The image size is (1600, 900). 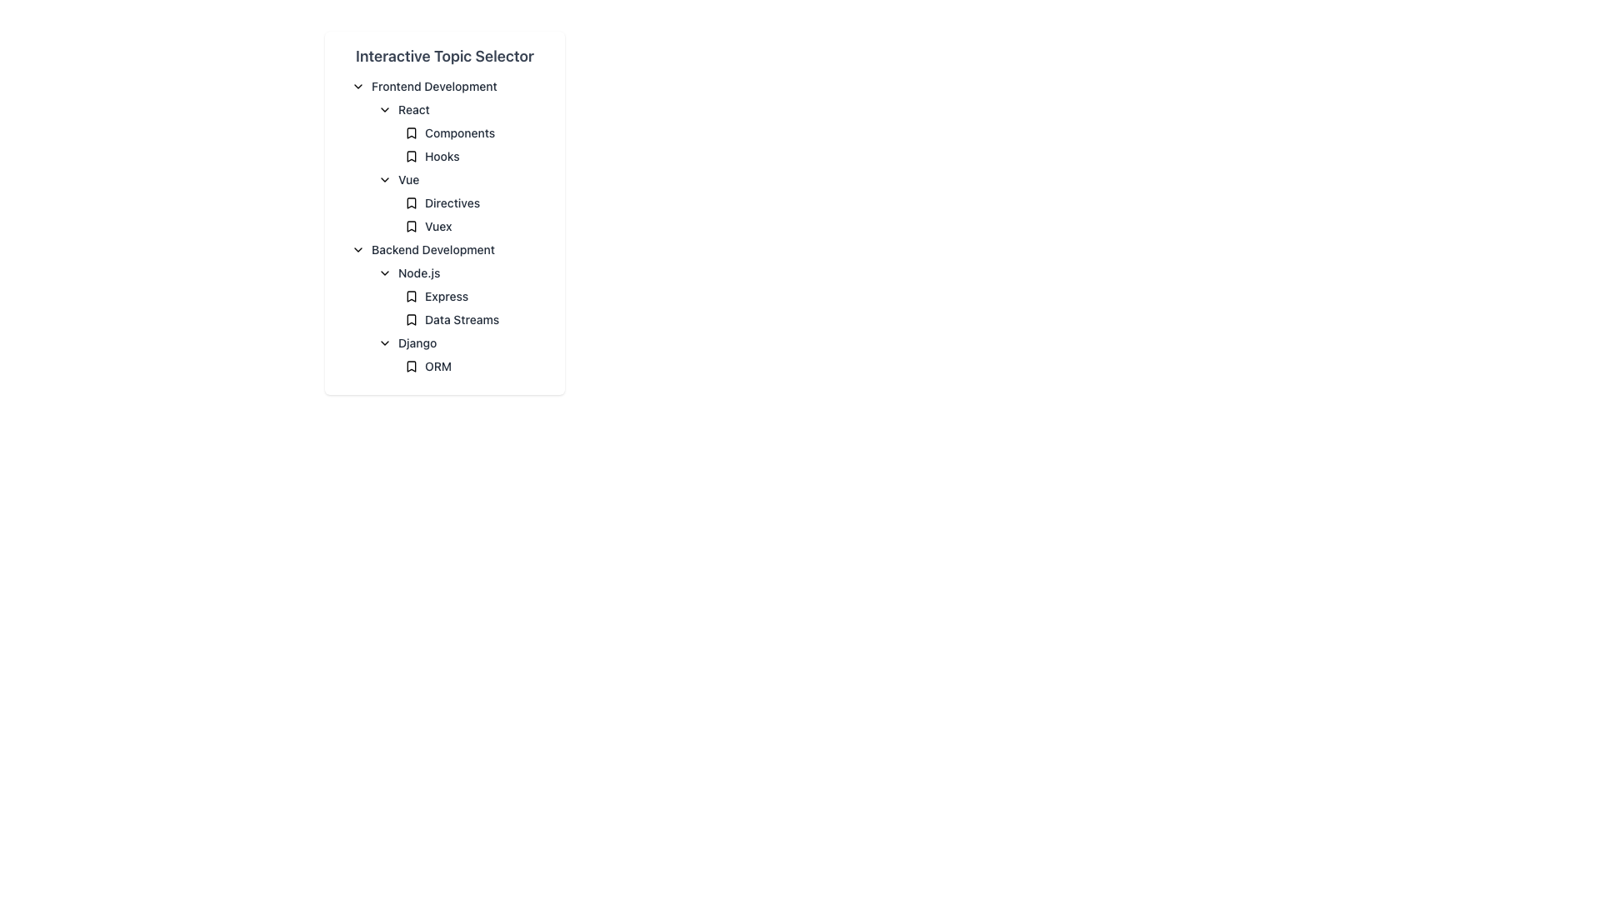 I want to click on the decorative icon indicating 'Data Streams' located within the 'Node.js' category under 'Backend Development', so click(x=412, y=320).